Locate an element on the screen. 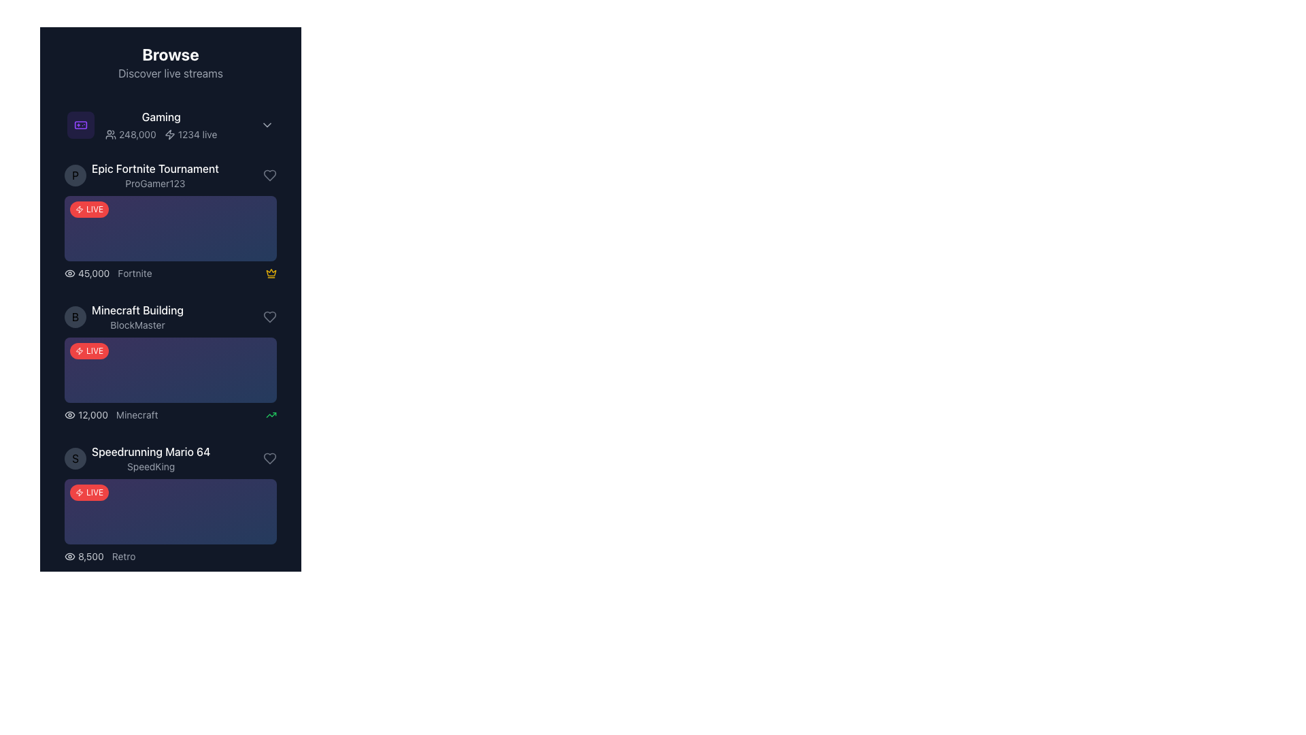 The width and height of the screenshot is (1306, 735). the Vector Icon that indicates the count of active live streams, positioned adjacent to the '1234 live' text is located at coordinates (78, 350).